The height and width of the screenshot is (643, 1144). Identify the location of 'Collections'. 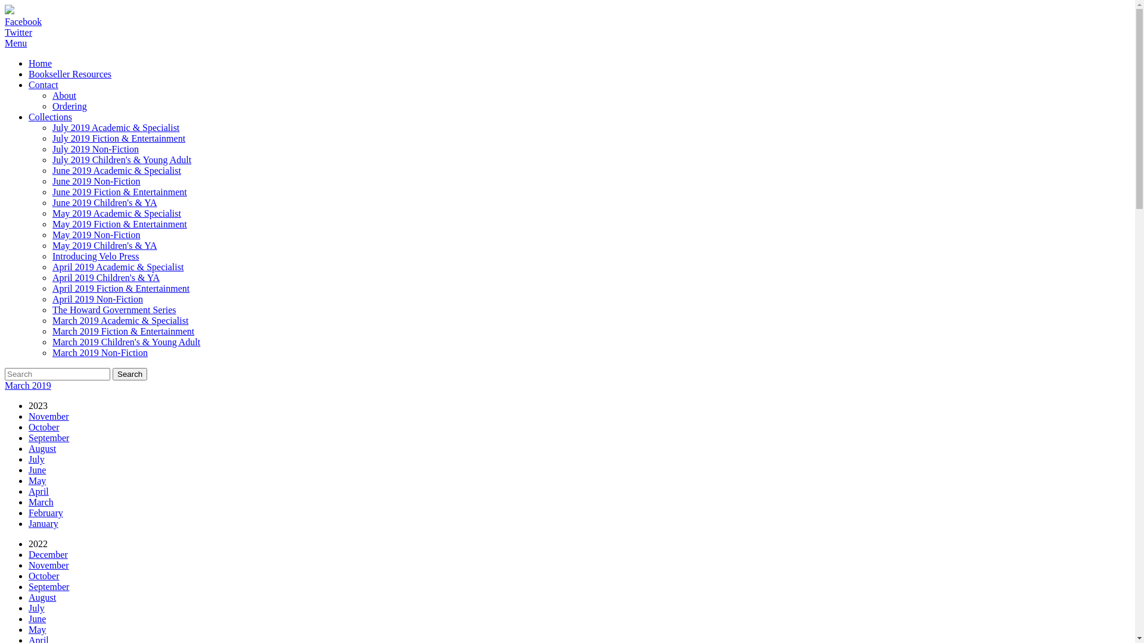
(49, 117).